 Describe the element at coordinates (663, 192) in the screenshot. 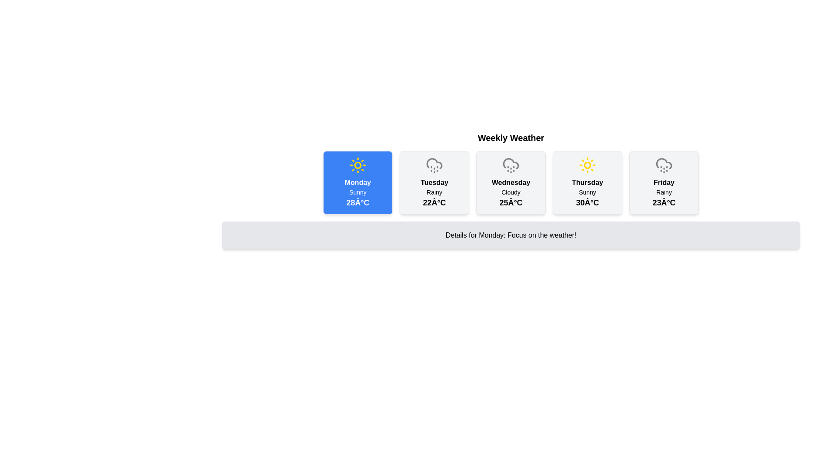

I see `text displayed in the weather condition label for 'Friday', which shows 'Rainy'` at that location.